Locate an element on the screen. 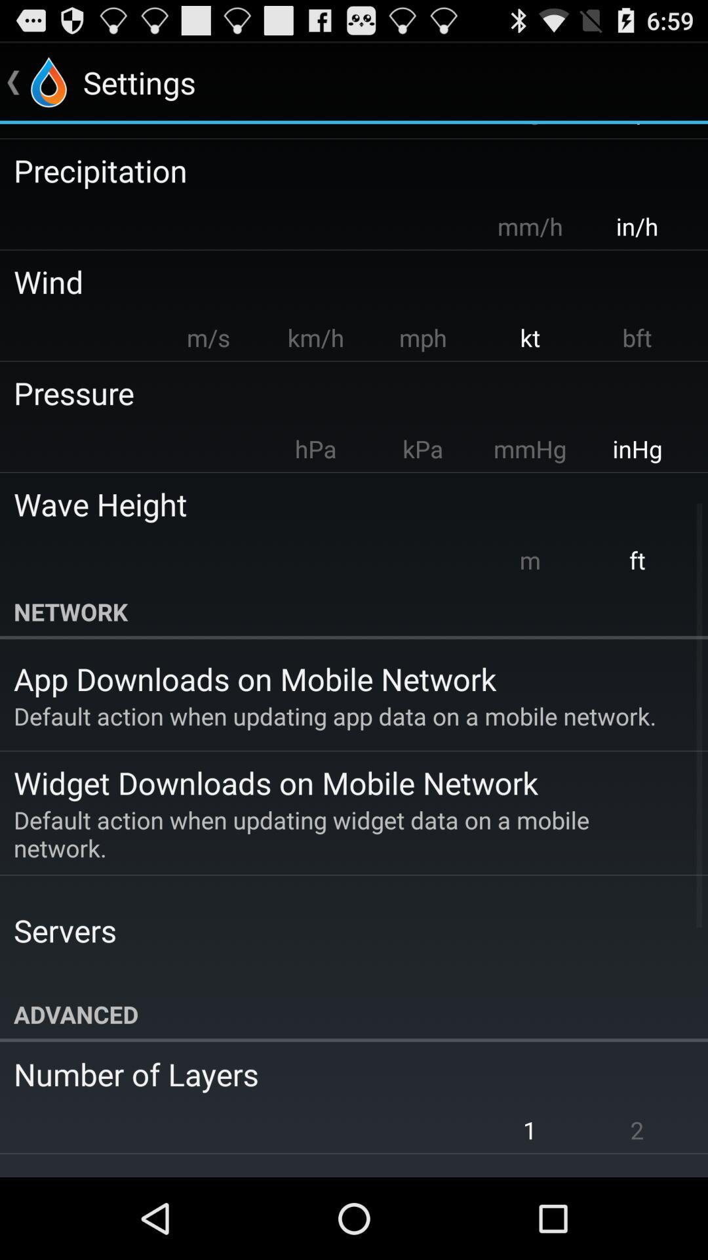 The image size is (708, 1260). app above the wave height is located at coordinates (637, 449).